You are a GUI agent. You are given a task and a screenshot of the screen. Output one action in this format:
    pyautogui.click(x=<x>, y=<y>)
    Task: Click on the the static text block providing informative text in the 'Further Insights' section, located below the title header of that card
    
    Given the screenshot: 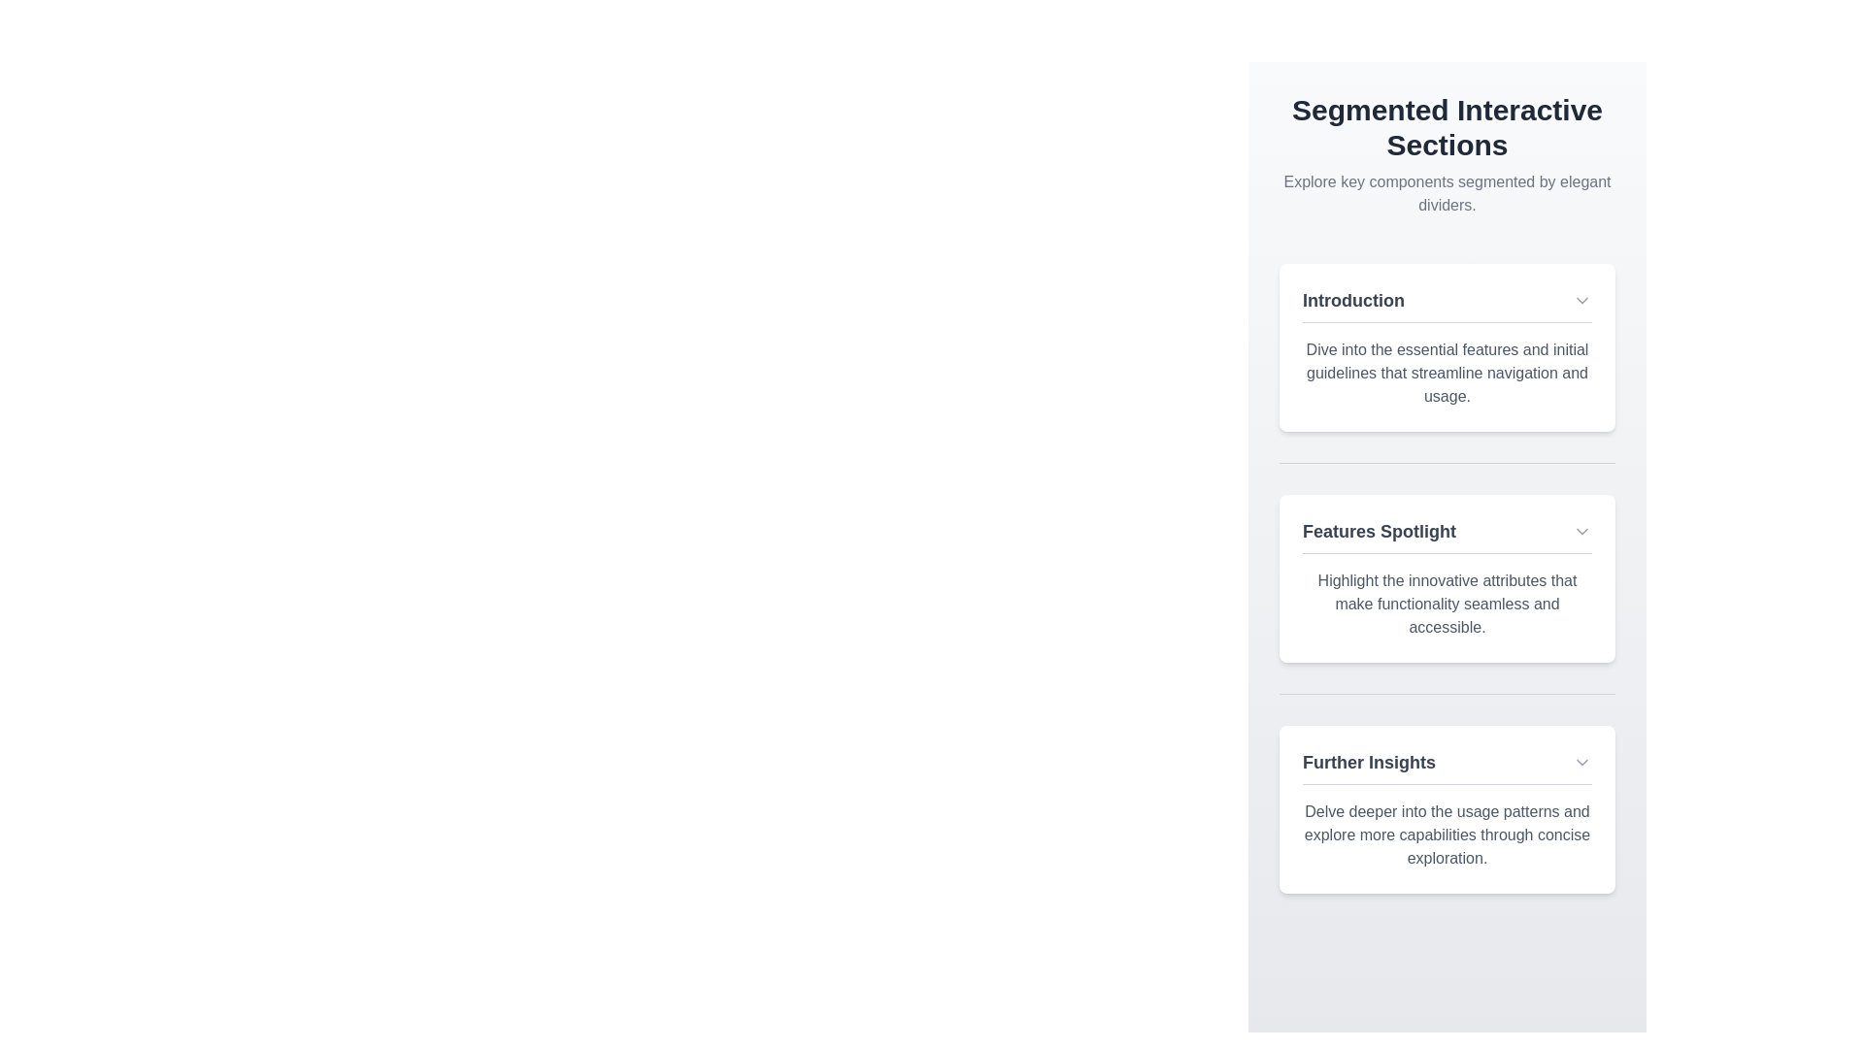 What is the action you would take?
    pyautogui.click(x=1448, y=834)
    